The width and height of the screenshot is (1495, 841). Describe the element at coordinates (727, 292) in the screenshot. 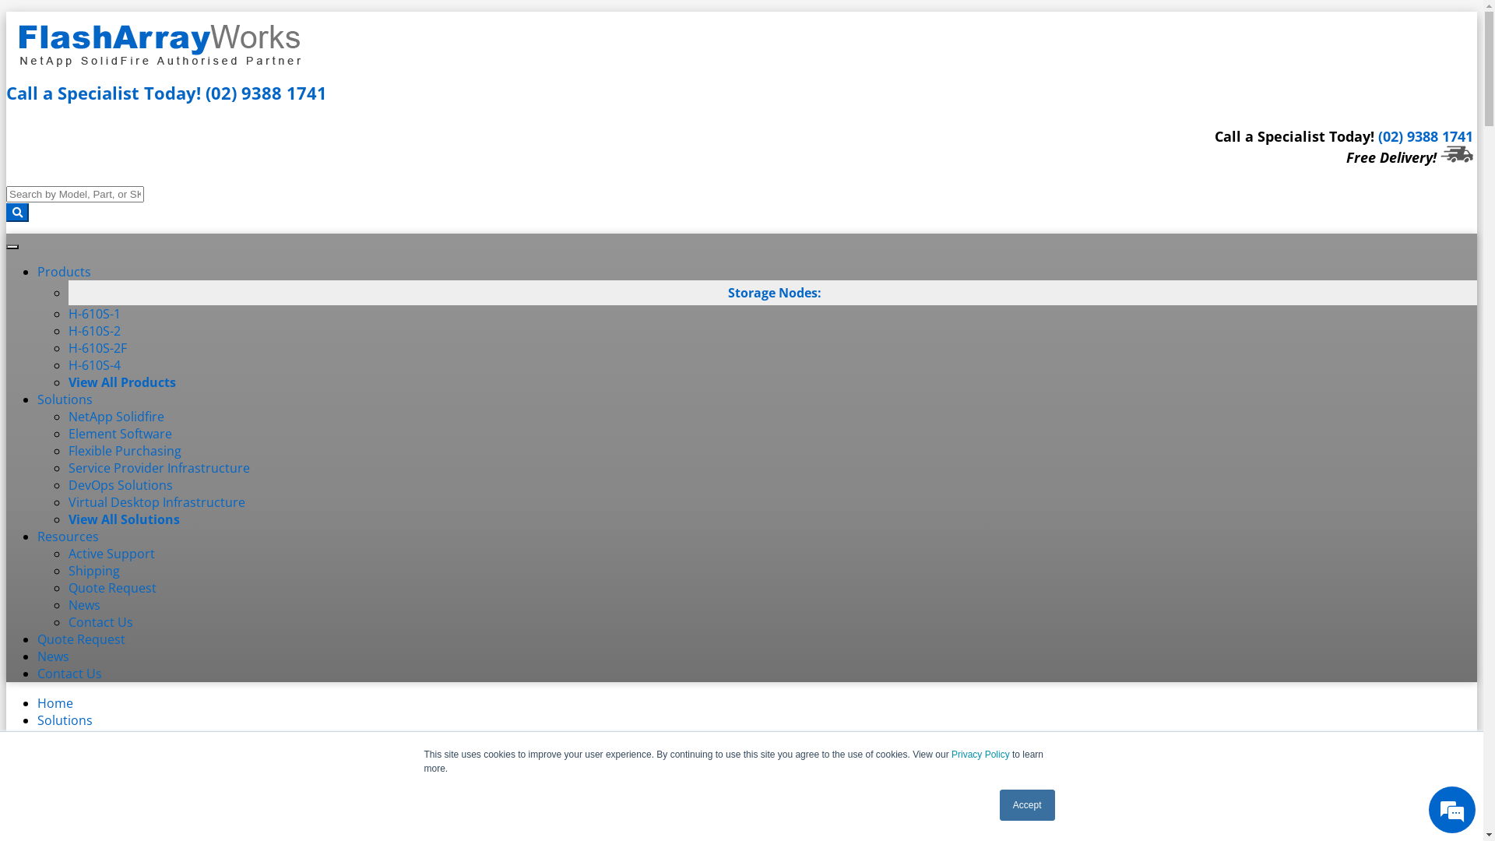

I see `'Storage Nodes:'` at that location.